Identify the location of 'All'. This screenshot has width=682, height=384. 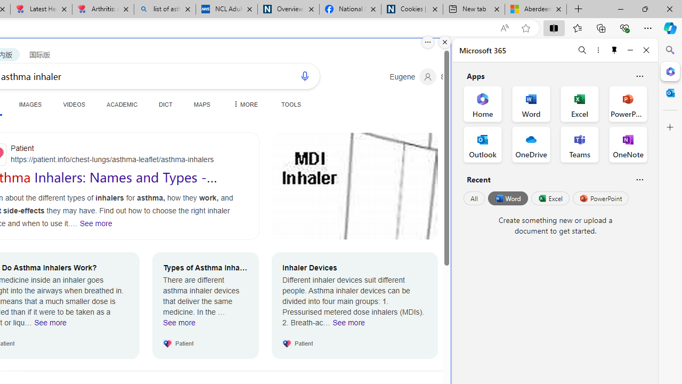
(474, 198).